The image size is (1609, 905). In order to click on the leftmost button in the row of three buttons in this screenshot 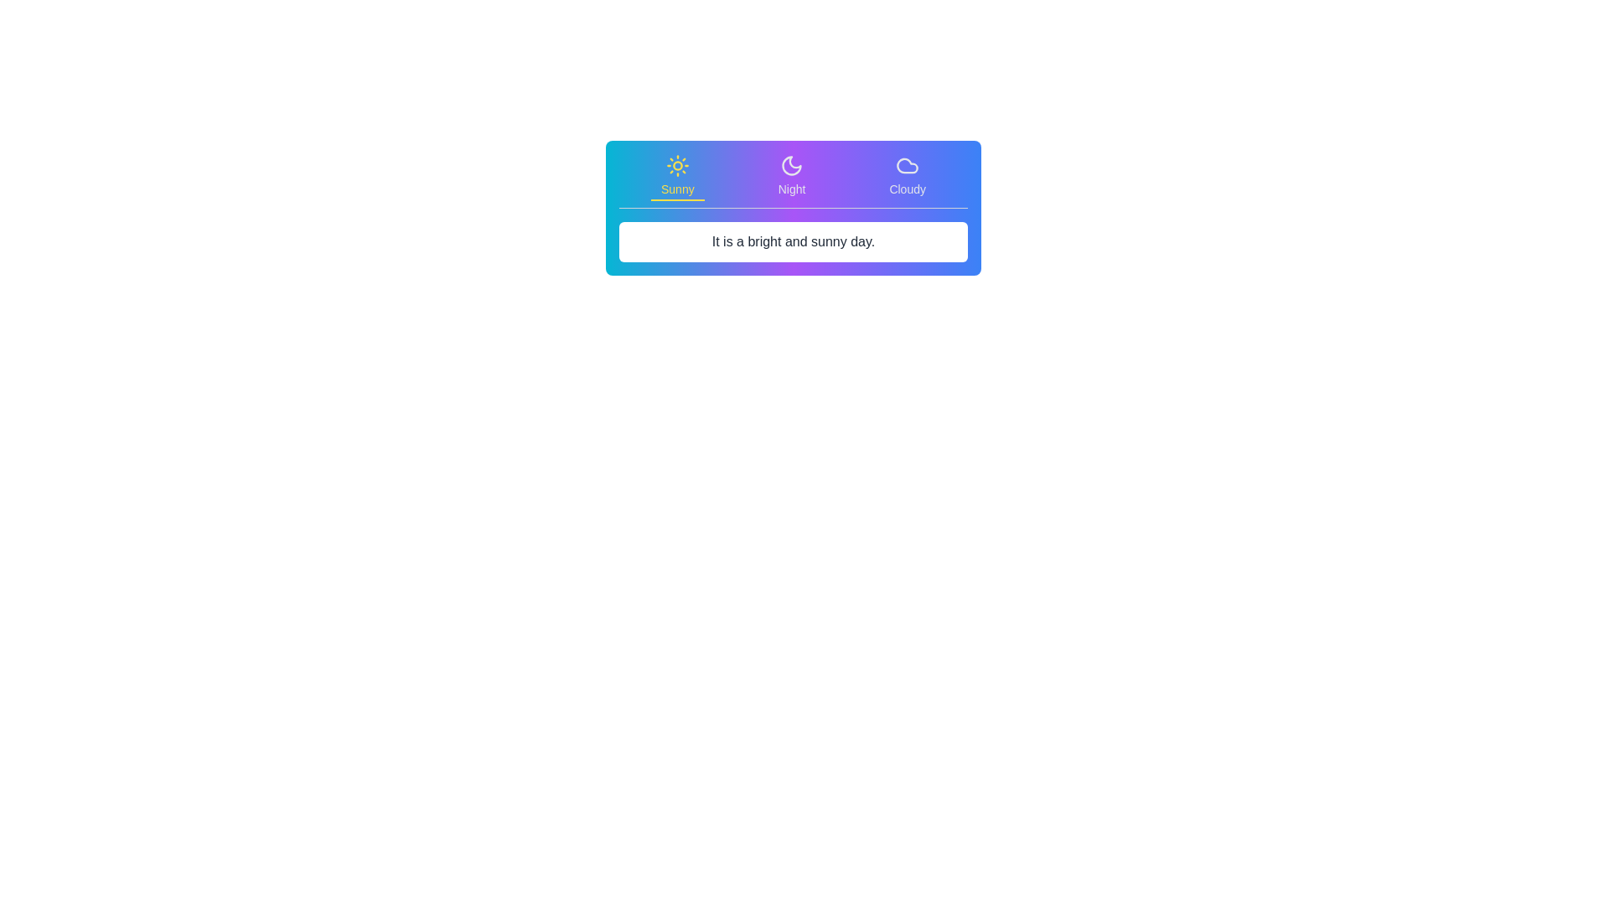, I will do `click(677, 175)`.